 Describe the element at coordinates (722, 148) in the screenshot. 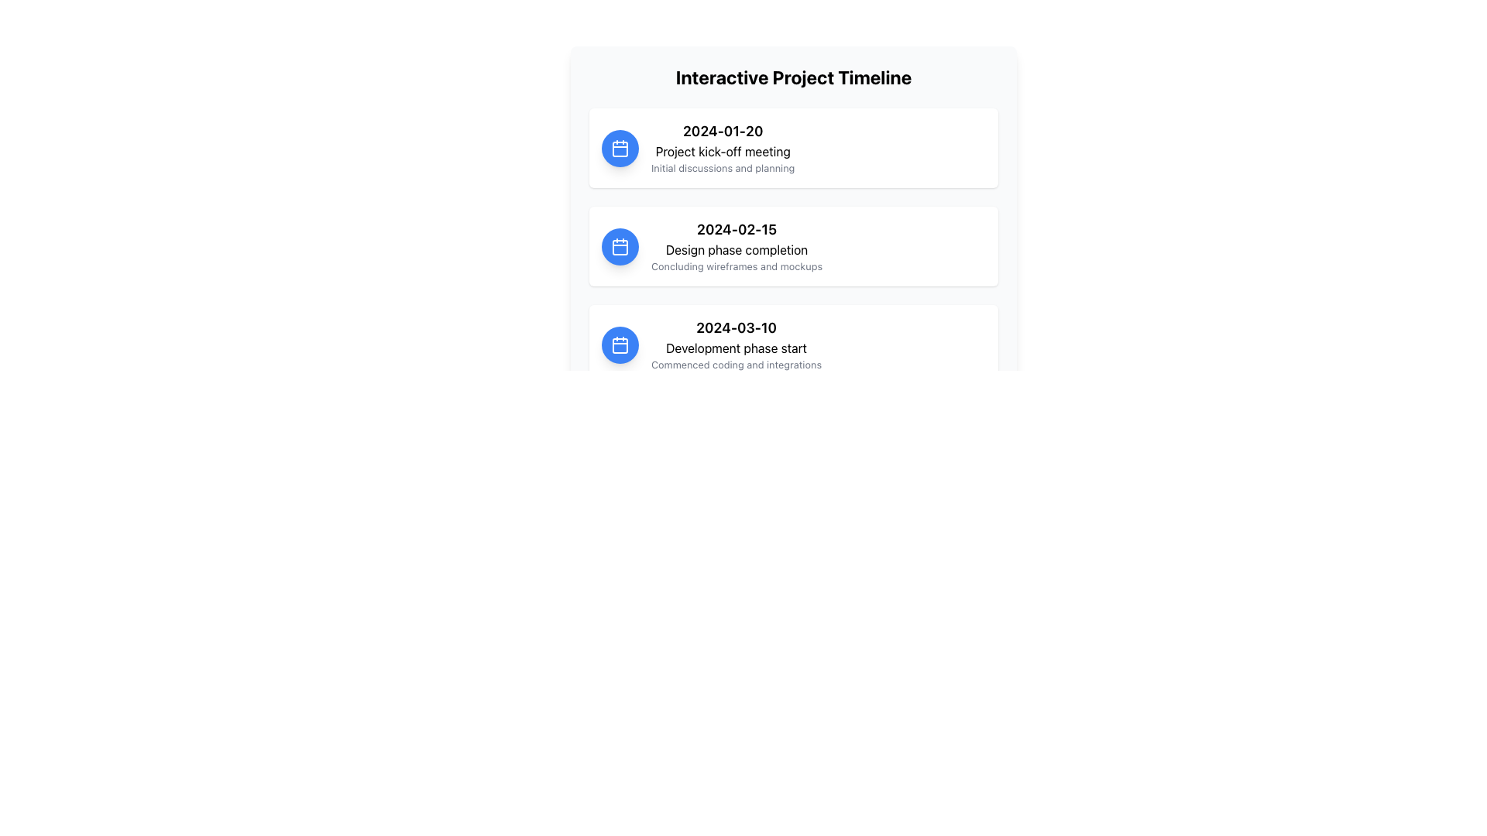

I see `the text block displaying the event 'Project kick-off meeting' in the vertical timeline interface, located to the right of the calendar icon` at that location.